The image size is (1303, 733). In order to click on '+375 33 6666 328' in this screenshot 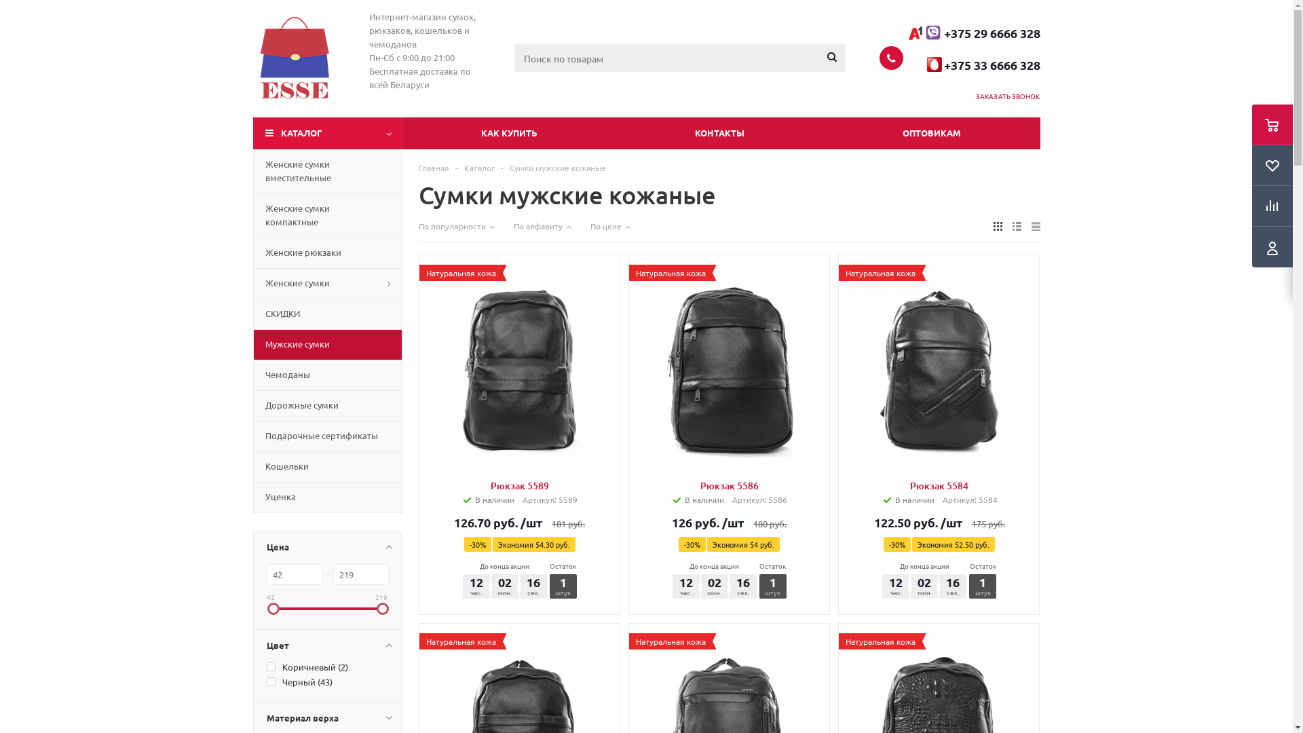, I will do `click(991, 64)`.